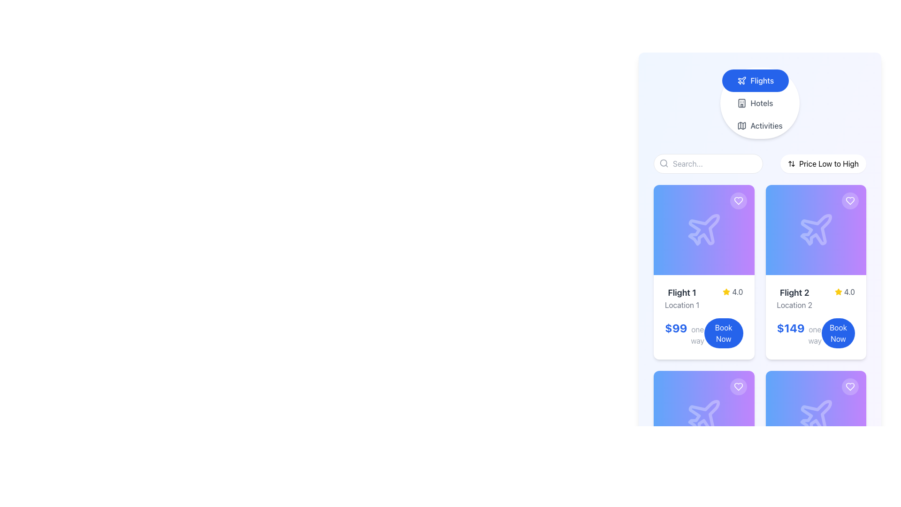 This screenshot has width=901, height=507. Describe the element at coordinates (850, 200) in the screenshot. I see `the heart-shaped icon within the circular semi-transparent button in the top-right corner of the card displaying 'Flight 2' to mark the associated item as favorite` at that location.